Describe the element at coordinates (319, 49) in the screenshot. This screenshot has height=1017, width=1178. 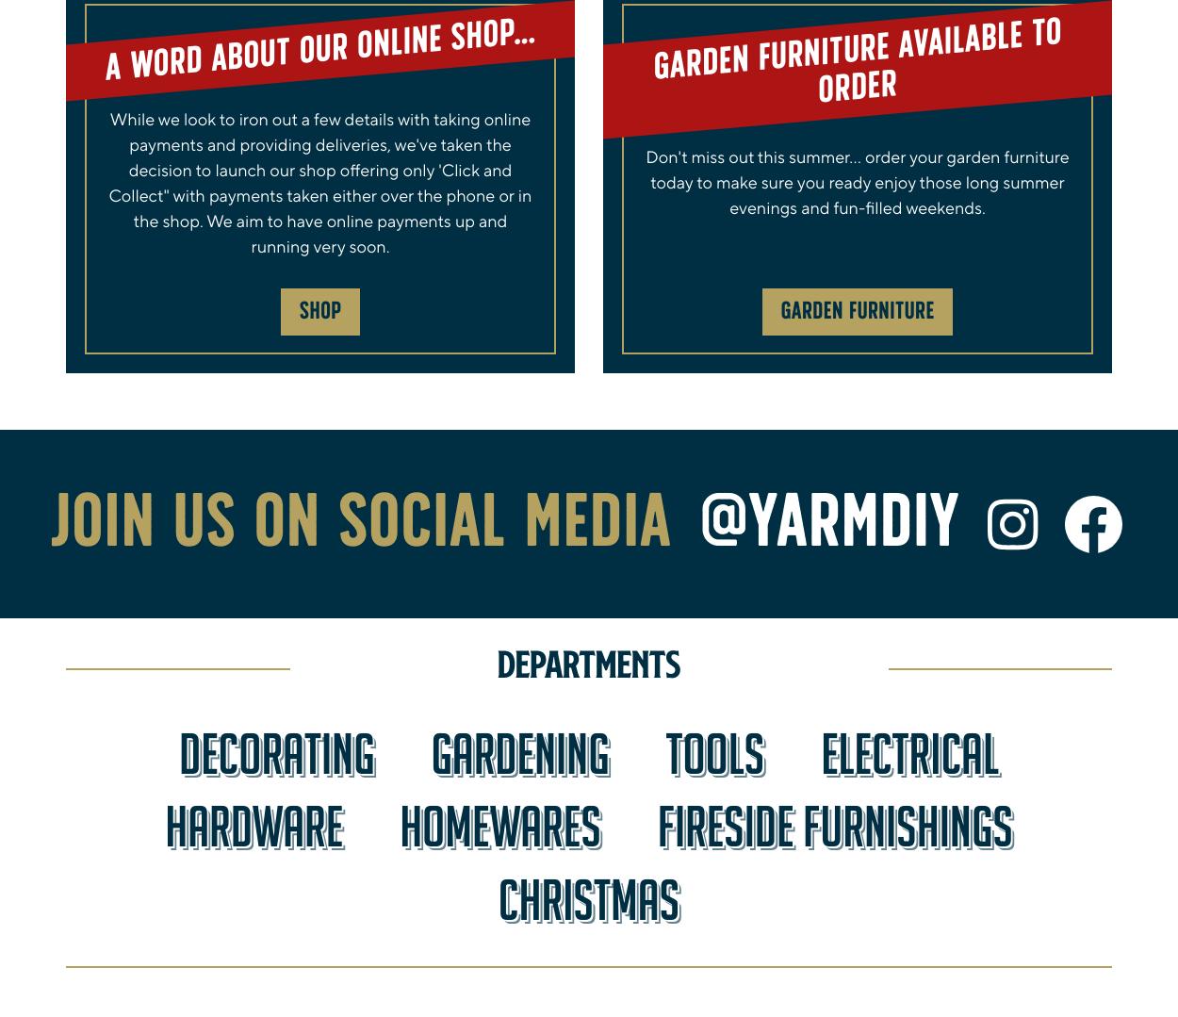
I see `'A word about our online shop...'` at that location.